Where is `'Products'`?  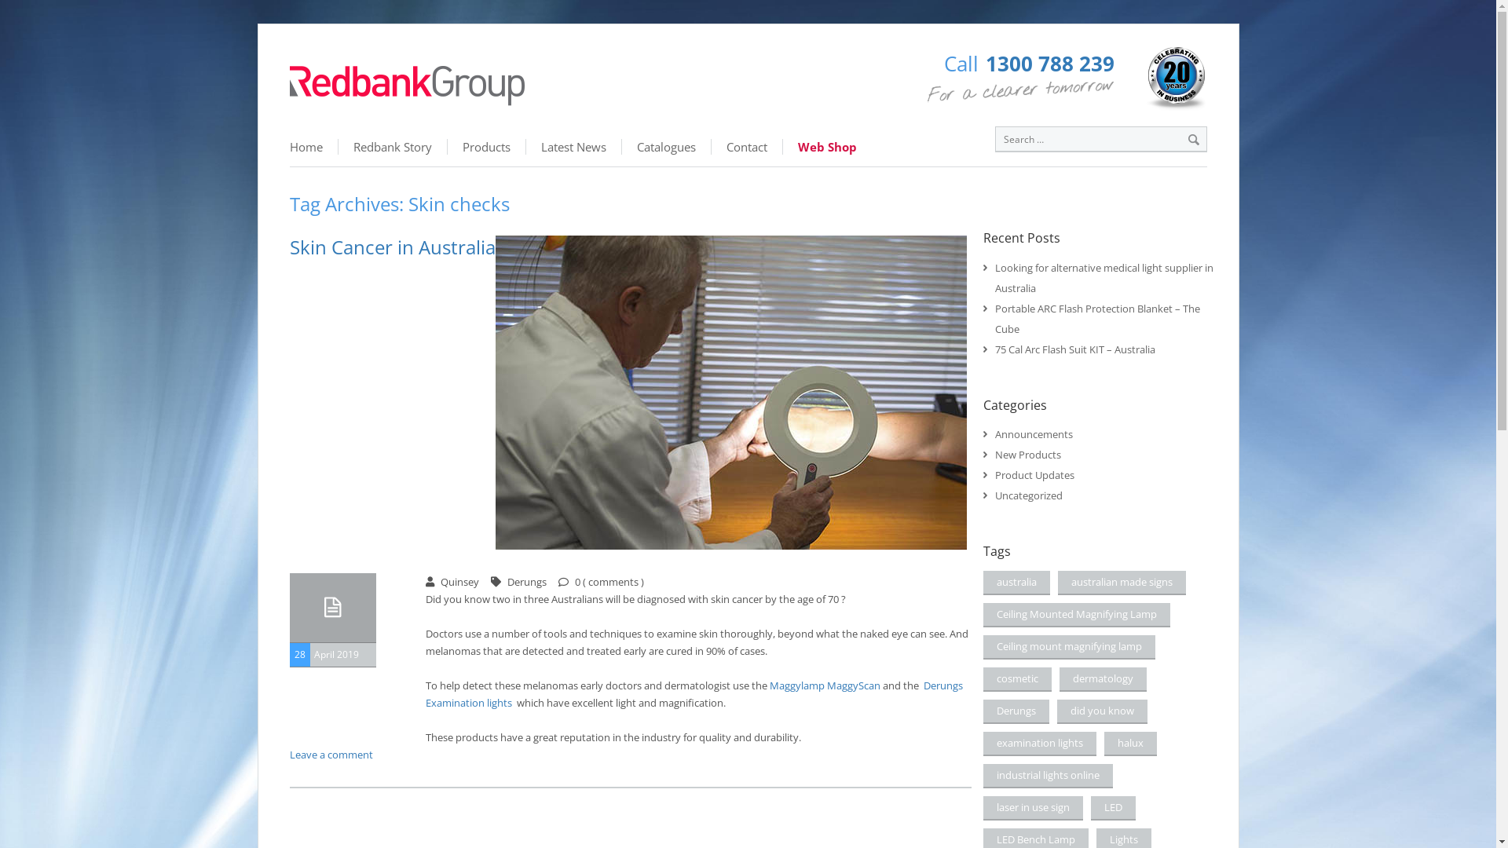
'Products' is located at coordinates (485, 146).